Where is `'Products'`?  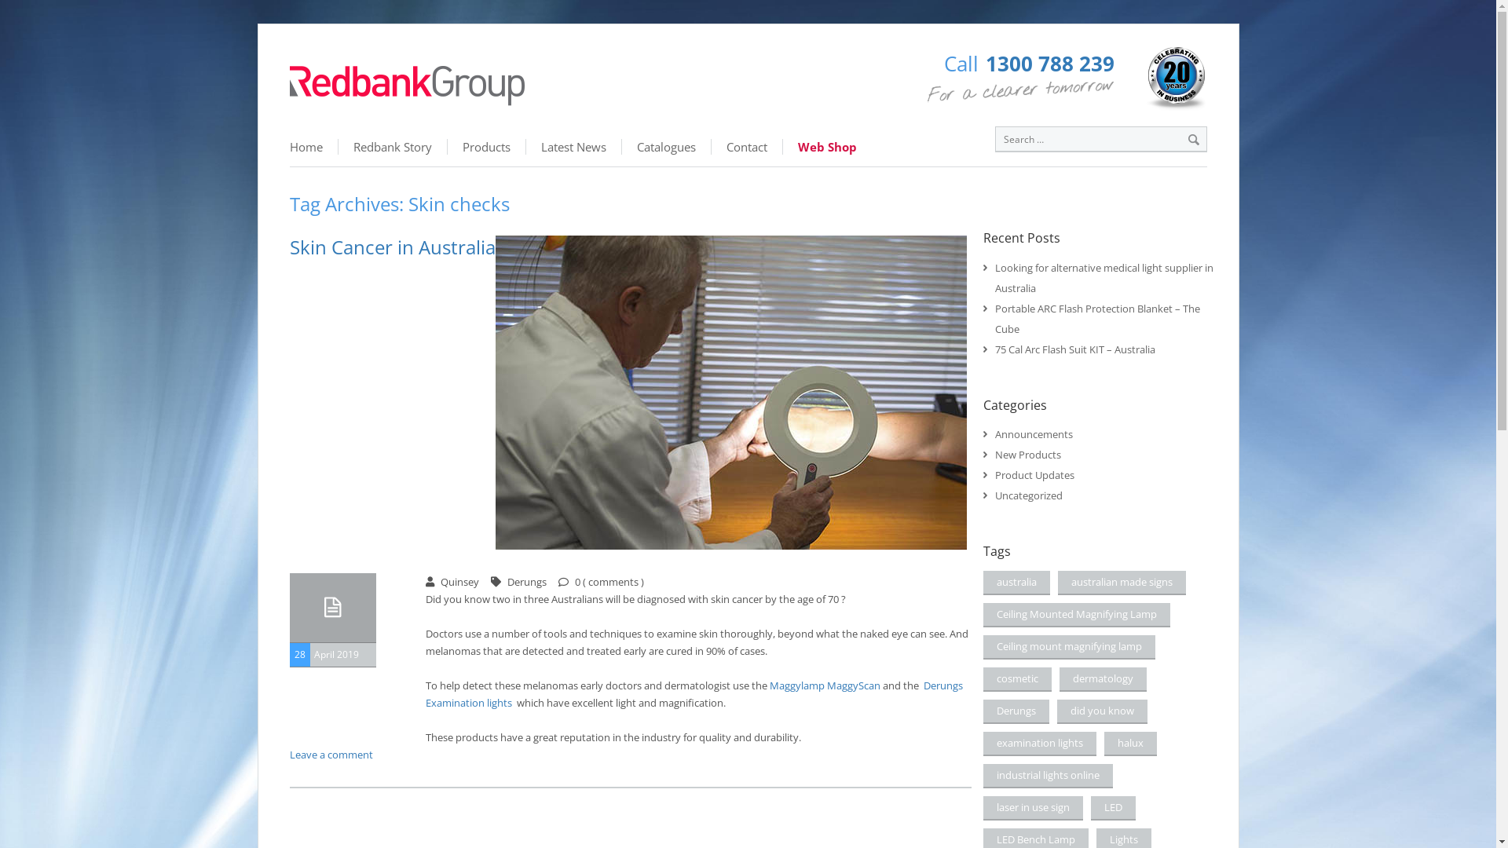
'Products' is located at coordinates (485, 146).